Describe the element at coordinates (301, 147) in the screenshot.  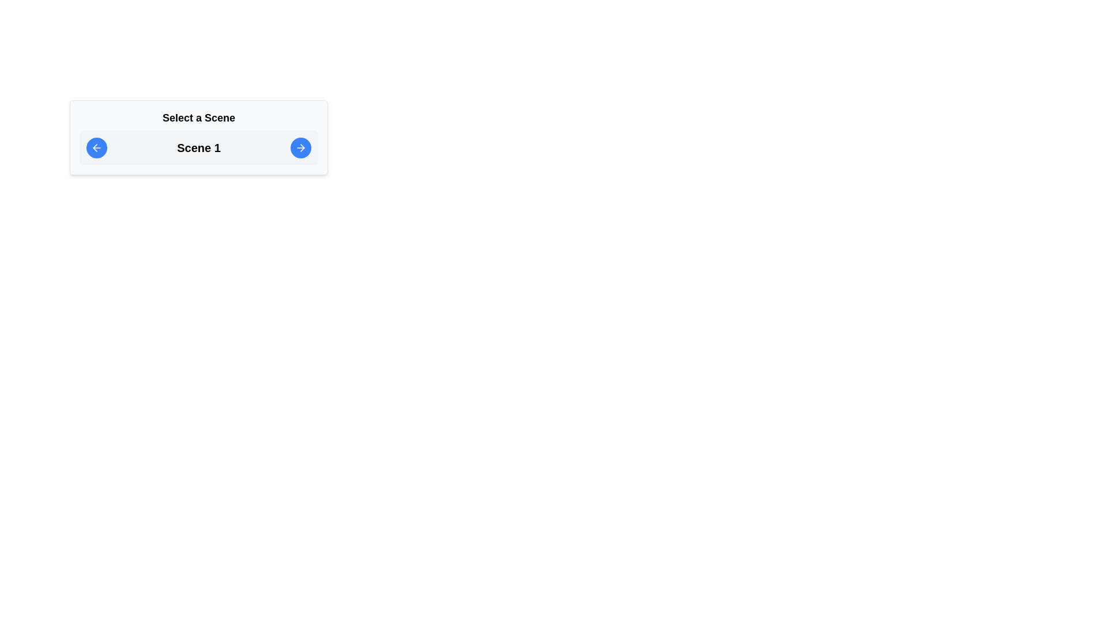
I see `the blue circular button with a white arrow pointing to the right, located adjacent to 'Scene 1', to trigger the hover effect` at that location.